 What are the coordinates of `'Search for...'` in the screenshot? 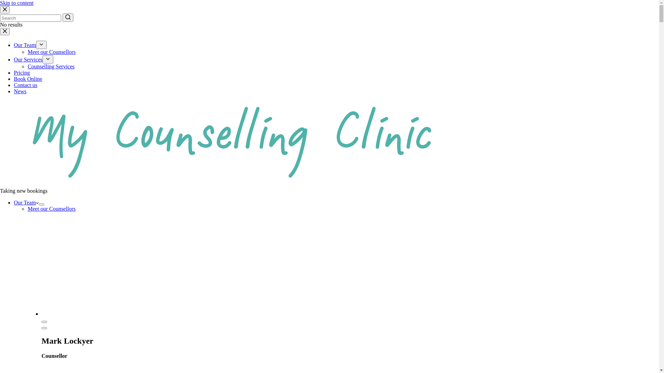 It's located at (30, 18).